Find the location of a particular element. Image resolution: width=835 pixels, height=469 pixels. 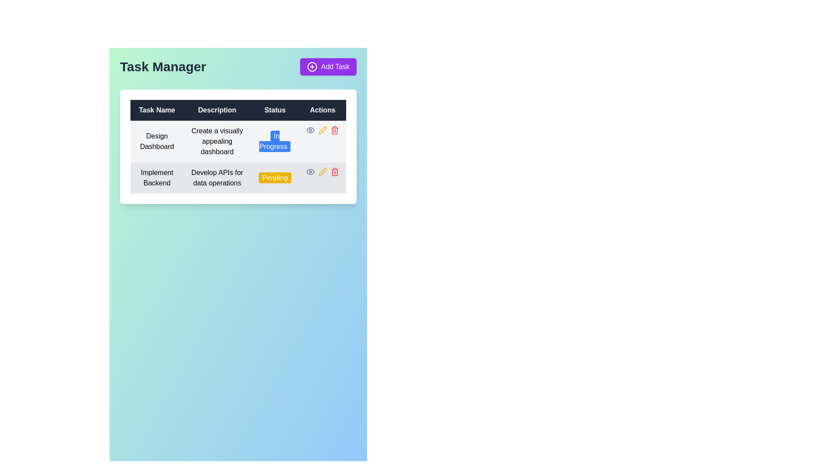

the Static Text displaying 'Create a visually appealing dashboard' located in the 'Description' column of the first row in the table structure is located at coordinates (217, 141).